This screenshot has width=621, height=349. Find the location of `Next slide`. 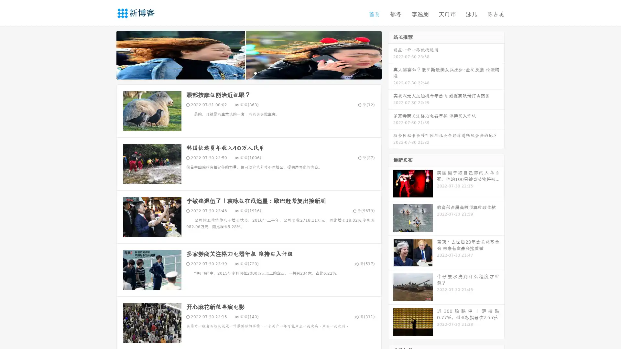

Next slide is located at coordinates (391, 54).